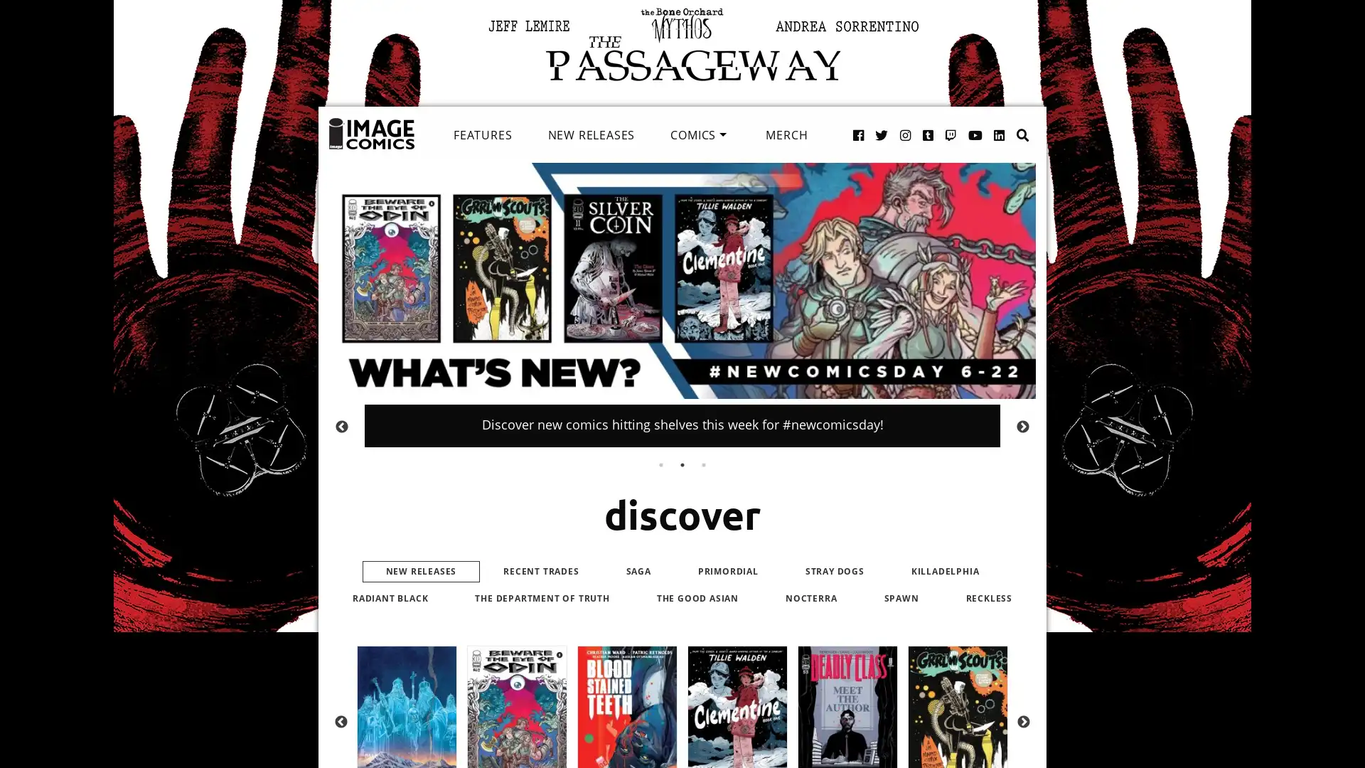 Image resolution: width=1365 pixels, height=768 pixels. Describe the element at coordinates (341, 426) in the screenshot. I see `Previous` at that location.